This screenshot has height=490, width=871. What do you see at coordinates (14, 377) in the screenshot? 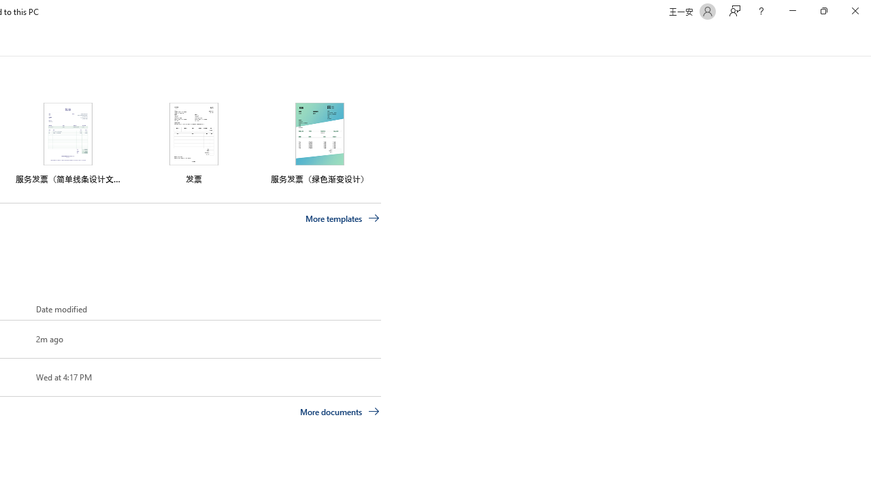
I see `'Pin this item to the list'` at bounding box center [14, 377].